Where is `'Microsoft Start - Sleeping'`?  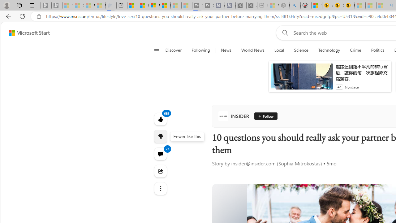 'Microsoft Start - Sleeping' is located at coordinates (175, 5).